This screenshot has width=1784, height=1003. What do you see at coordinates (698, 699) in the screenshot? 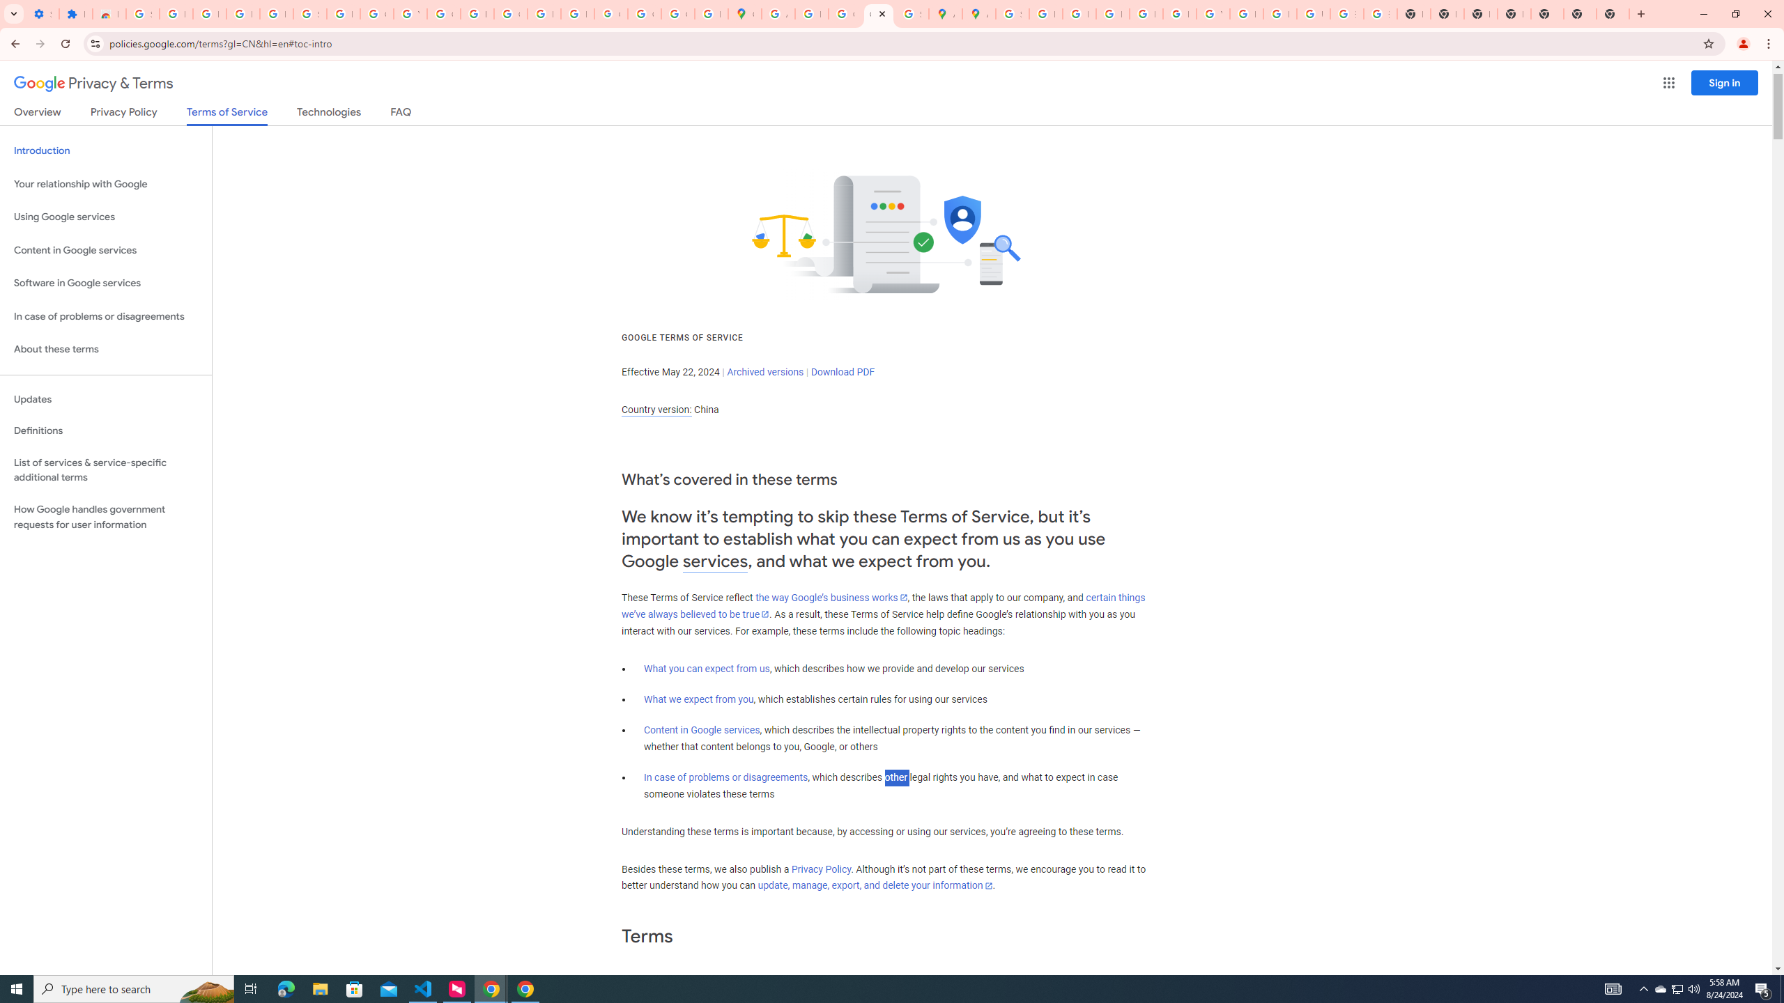
I see `'What we expect from you'` at bounding box center [698, 699].